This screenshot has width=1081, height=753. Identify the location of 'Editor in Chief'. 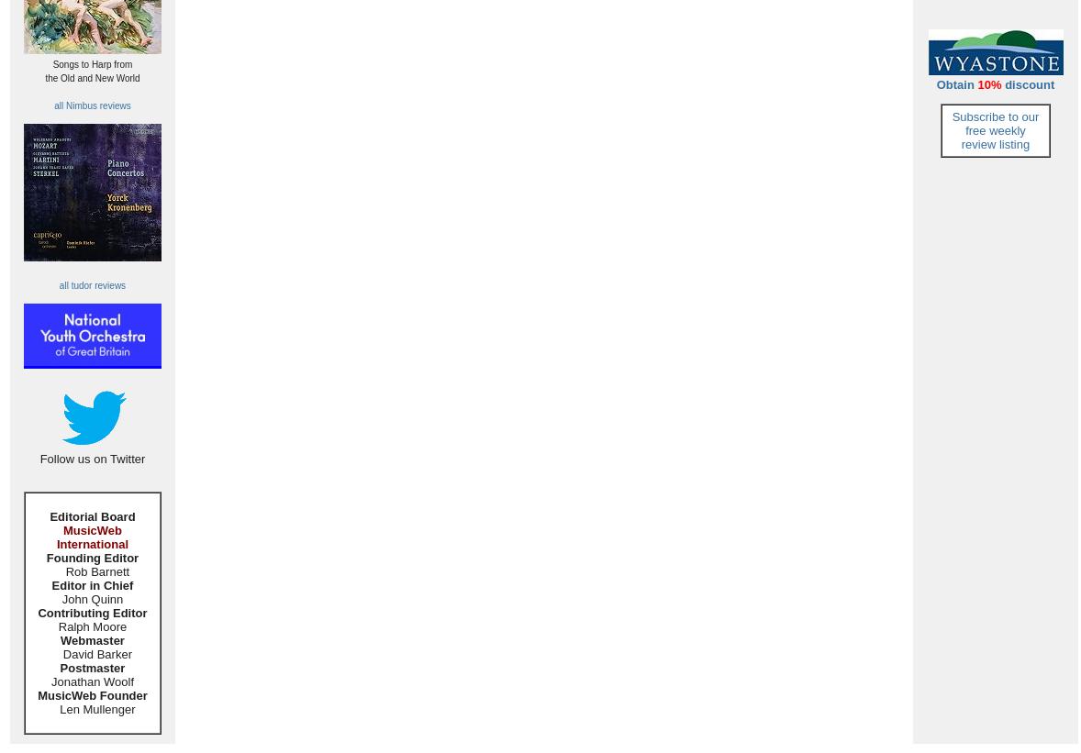
(91, 584).